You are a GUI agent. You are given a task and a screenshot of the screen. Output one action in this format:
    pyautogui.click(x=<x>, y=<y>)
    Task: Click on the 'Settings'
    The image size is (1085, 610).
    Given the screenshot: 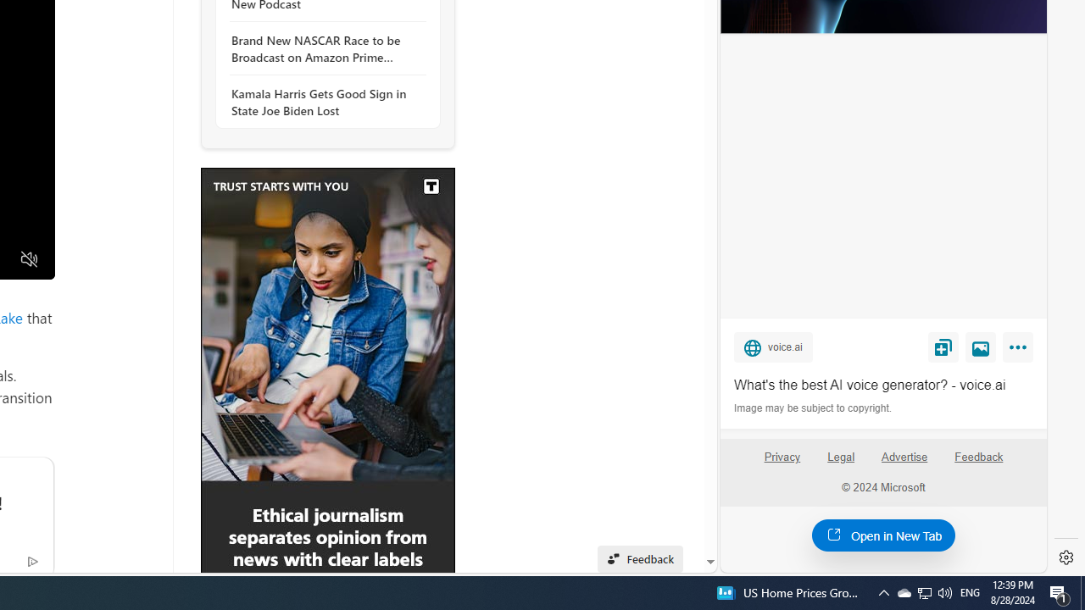 What is the action you would take?
    pyautogui.click(x=1066, y=557)
    